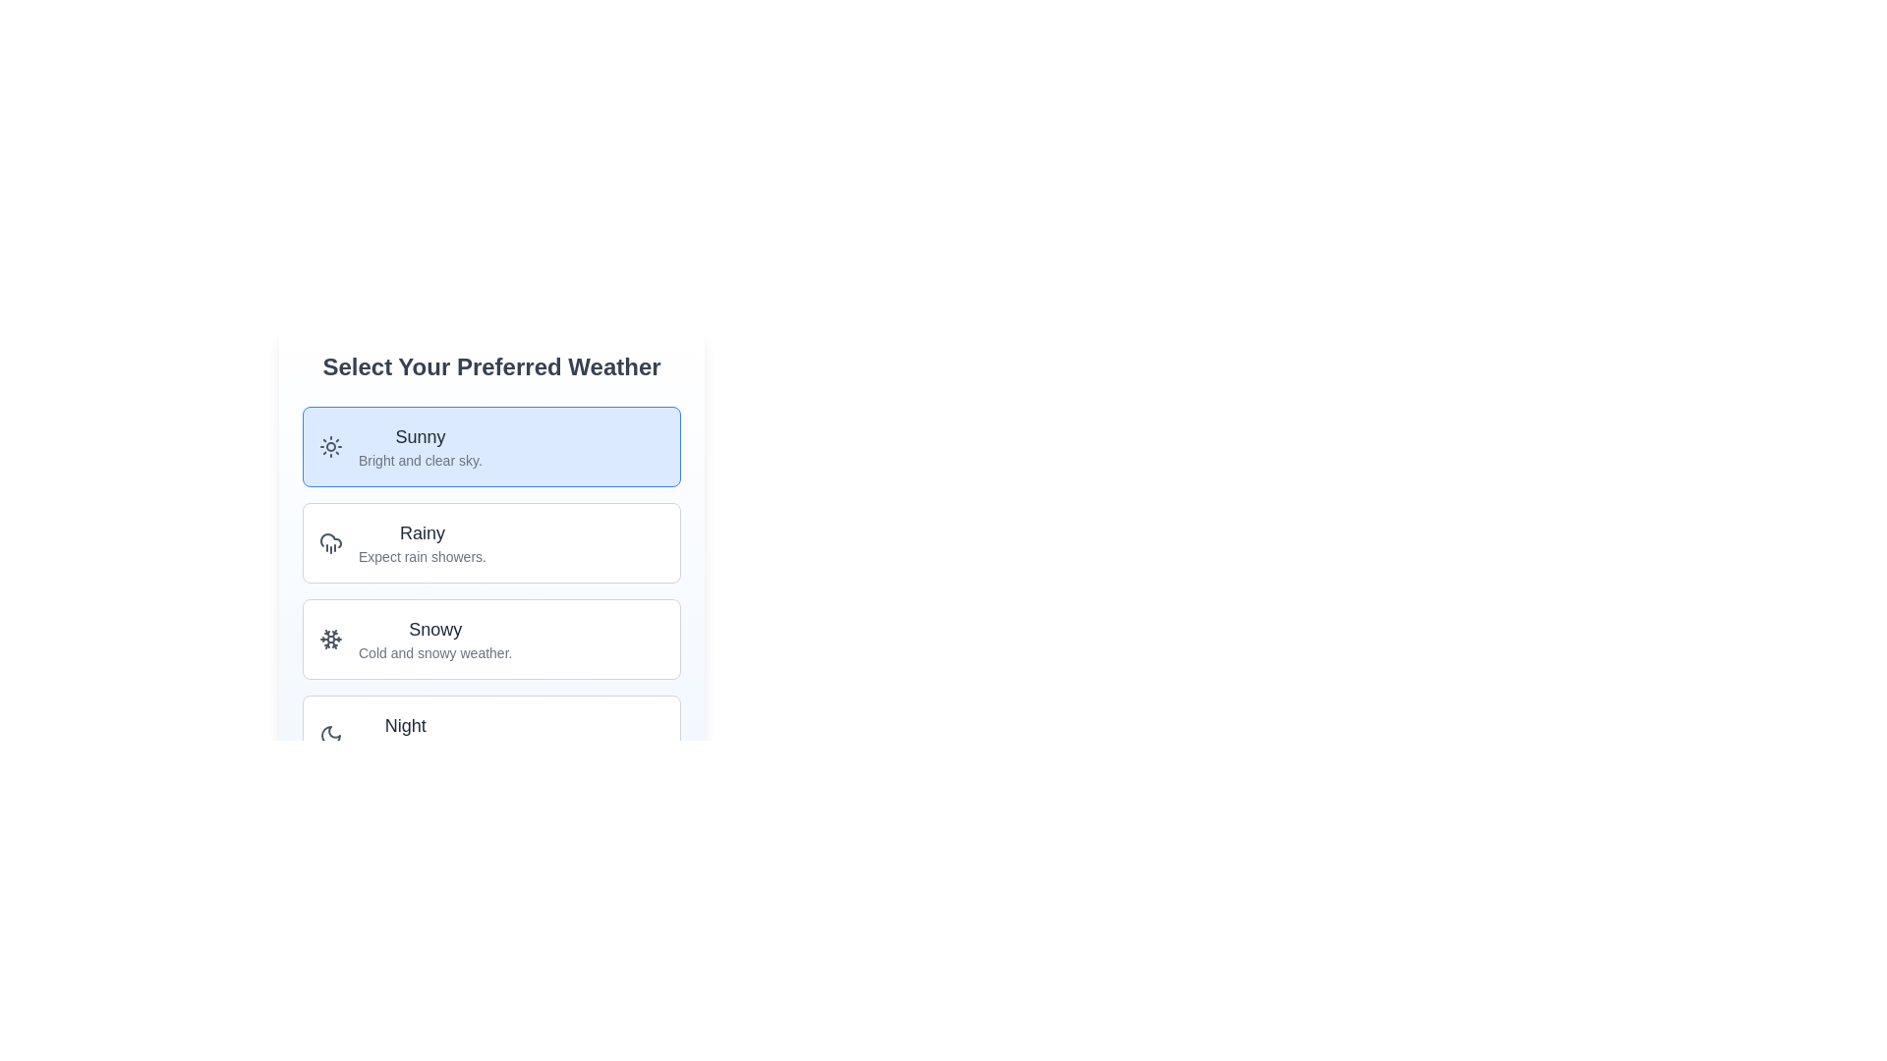 The width and height of the screenshot is (1887, 1061). What do you see at coordinates (491, 735) in the screenshot?
I see `the 'Night' weather option card, which is the fourth card in a vertical list of selectable weather options` at bounding box center [491, 735].